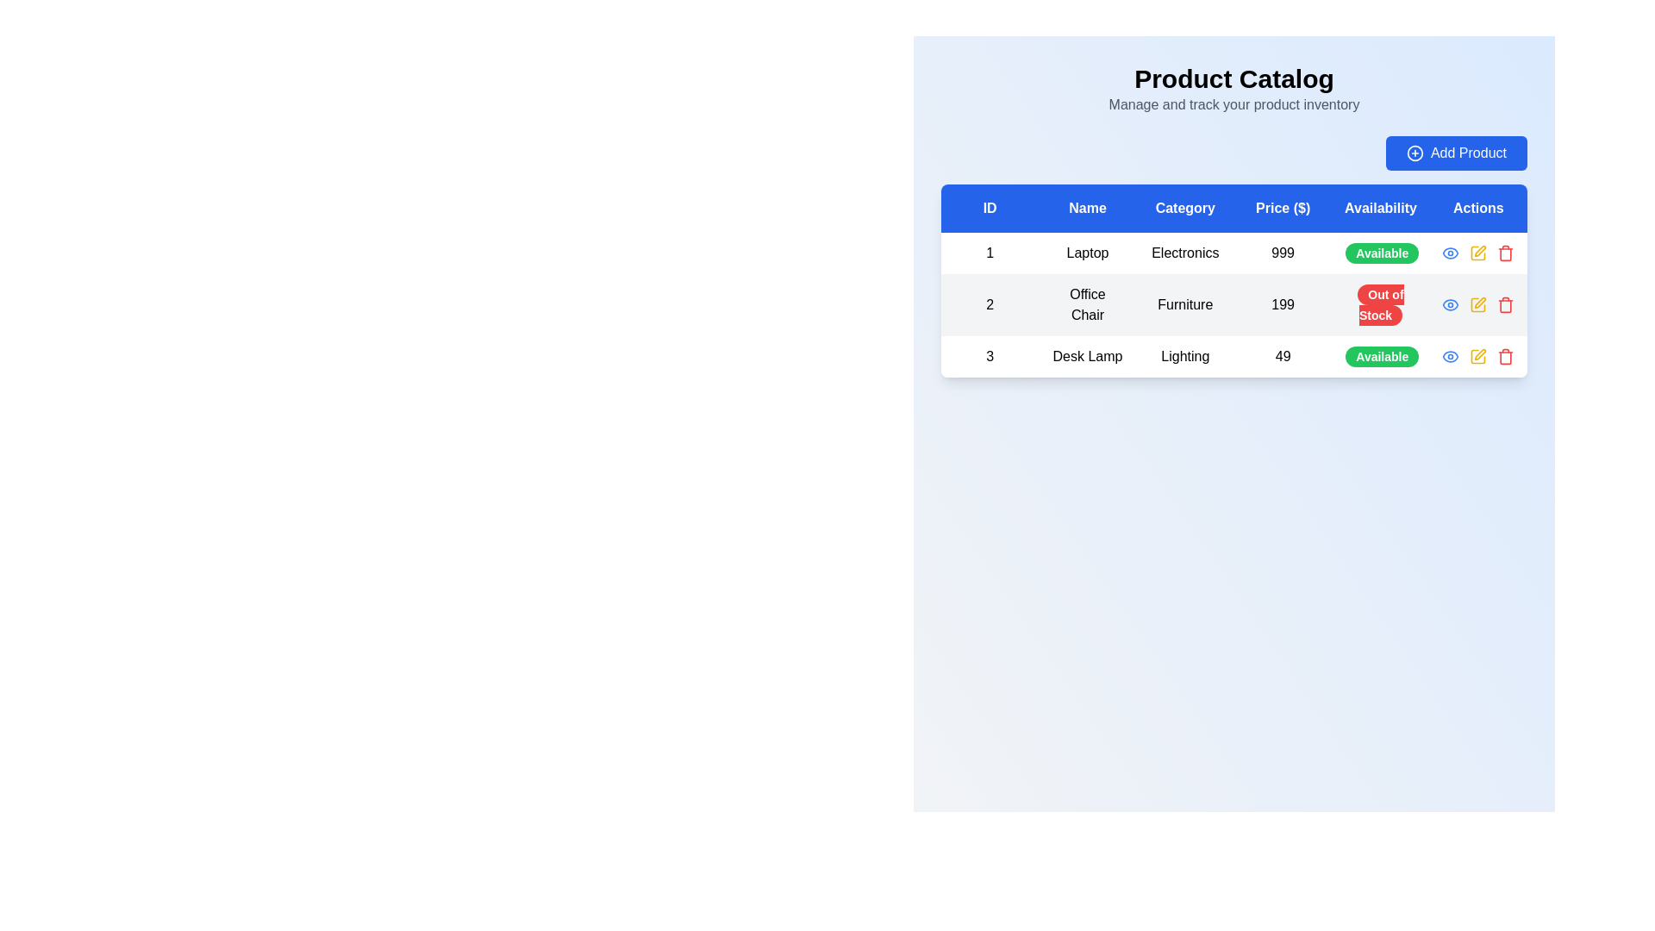 This screenshot has height=931, width=1655. What do you see at coordinates (1505, 305) in the screenshot?
I see `the trash can icon in the Actions column of the second row corresponding to the Office Chair entry` at bounding box center [1505, 305].